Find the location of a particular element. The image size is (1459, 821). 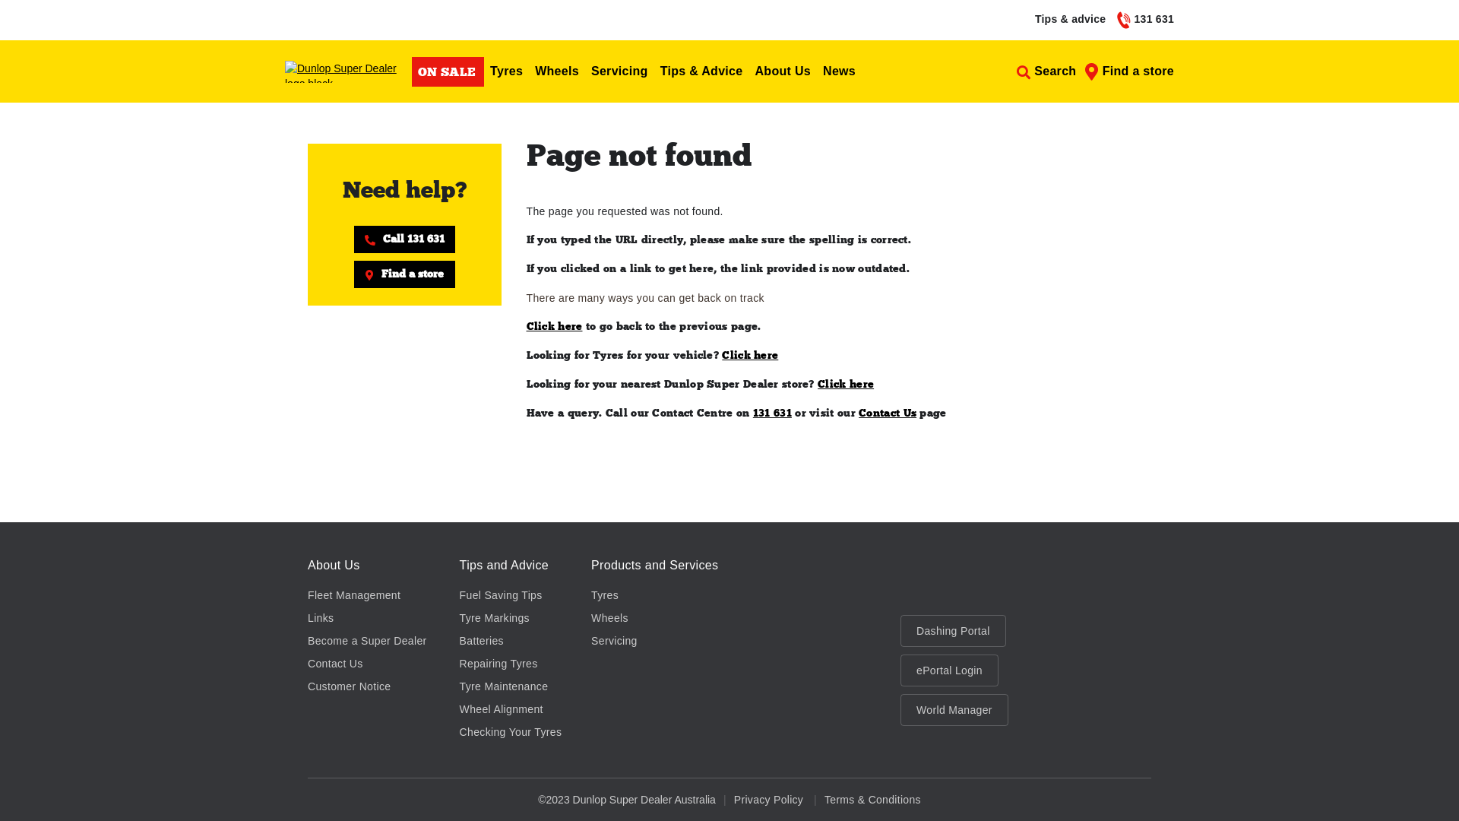

'Tyre Markings' is located at coordinates (495, 618).